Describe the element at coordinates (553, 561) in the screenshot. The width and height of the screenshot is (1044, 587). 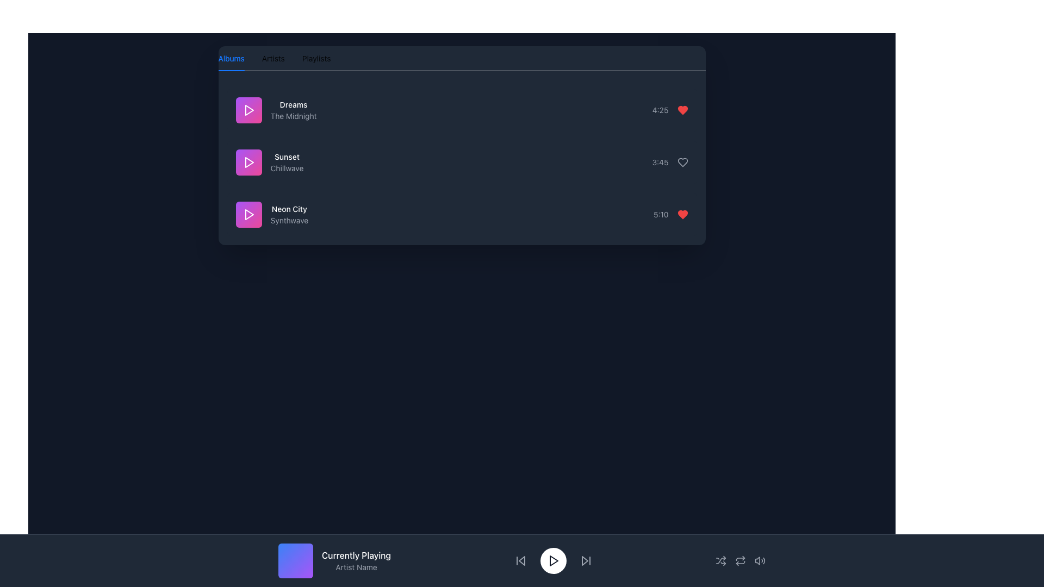
I see `the circular play button with a white background and a bold play icon` at that location.